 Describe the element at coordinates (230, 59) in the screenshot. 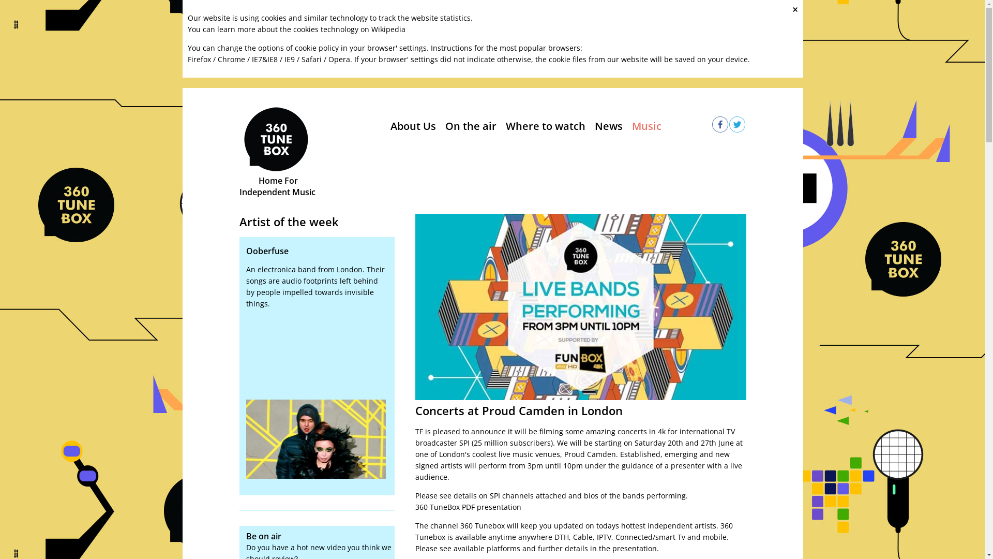

I see `'Chrome'` at that location.